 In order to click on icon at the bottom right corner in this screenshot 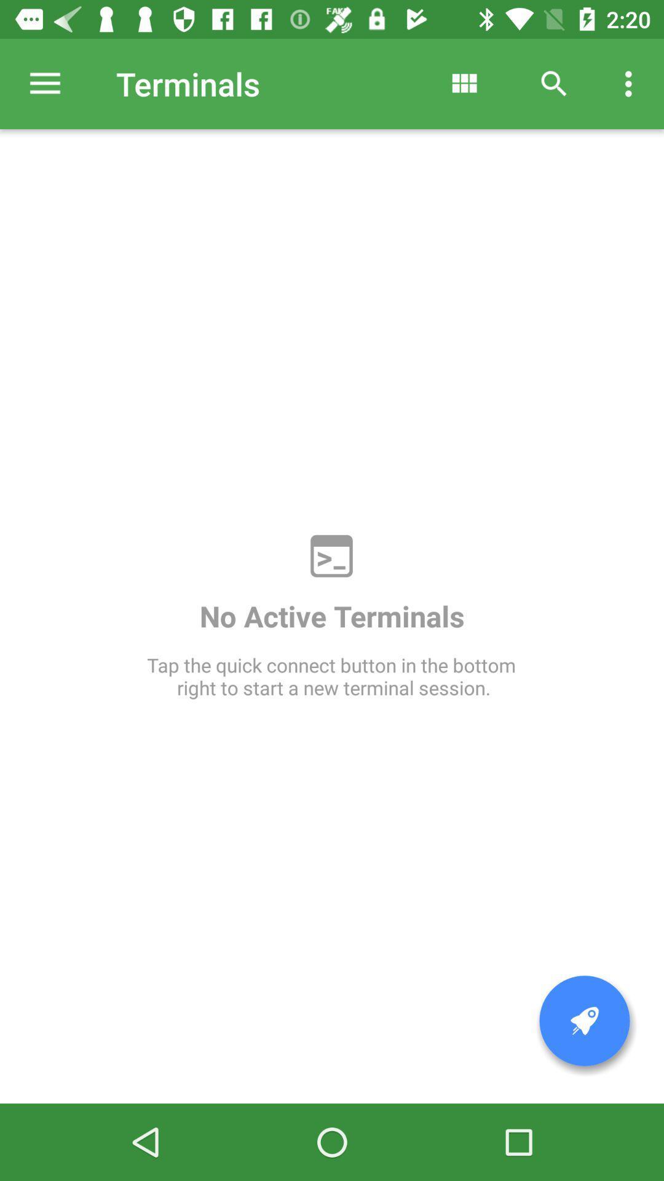, I will do `click(584, 1020)`.